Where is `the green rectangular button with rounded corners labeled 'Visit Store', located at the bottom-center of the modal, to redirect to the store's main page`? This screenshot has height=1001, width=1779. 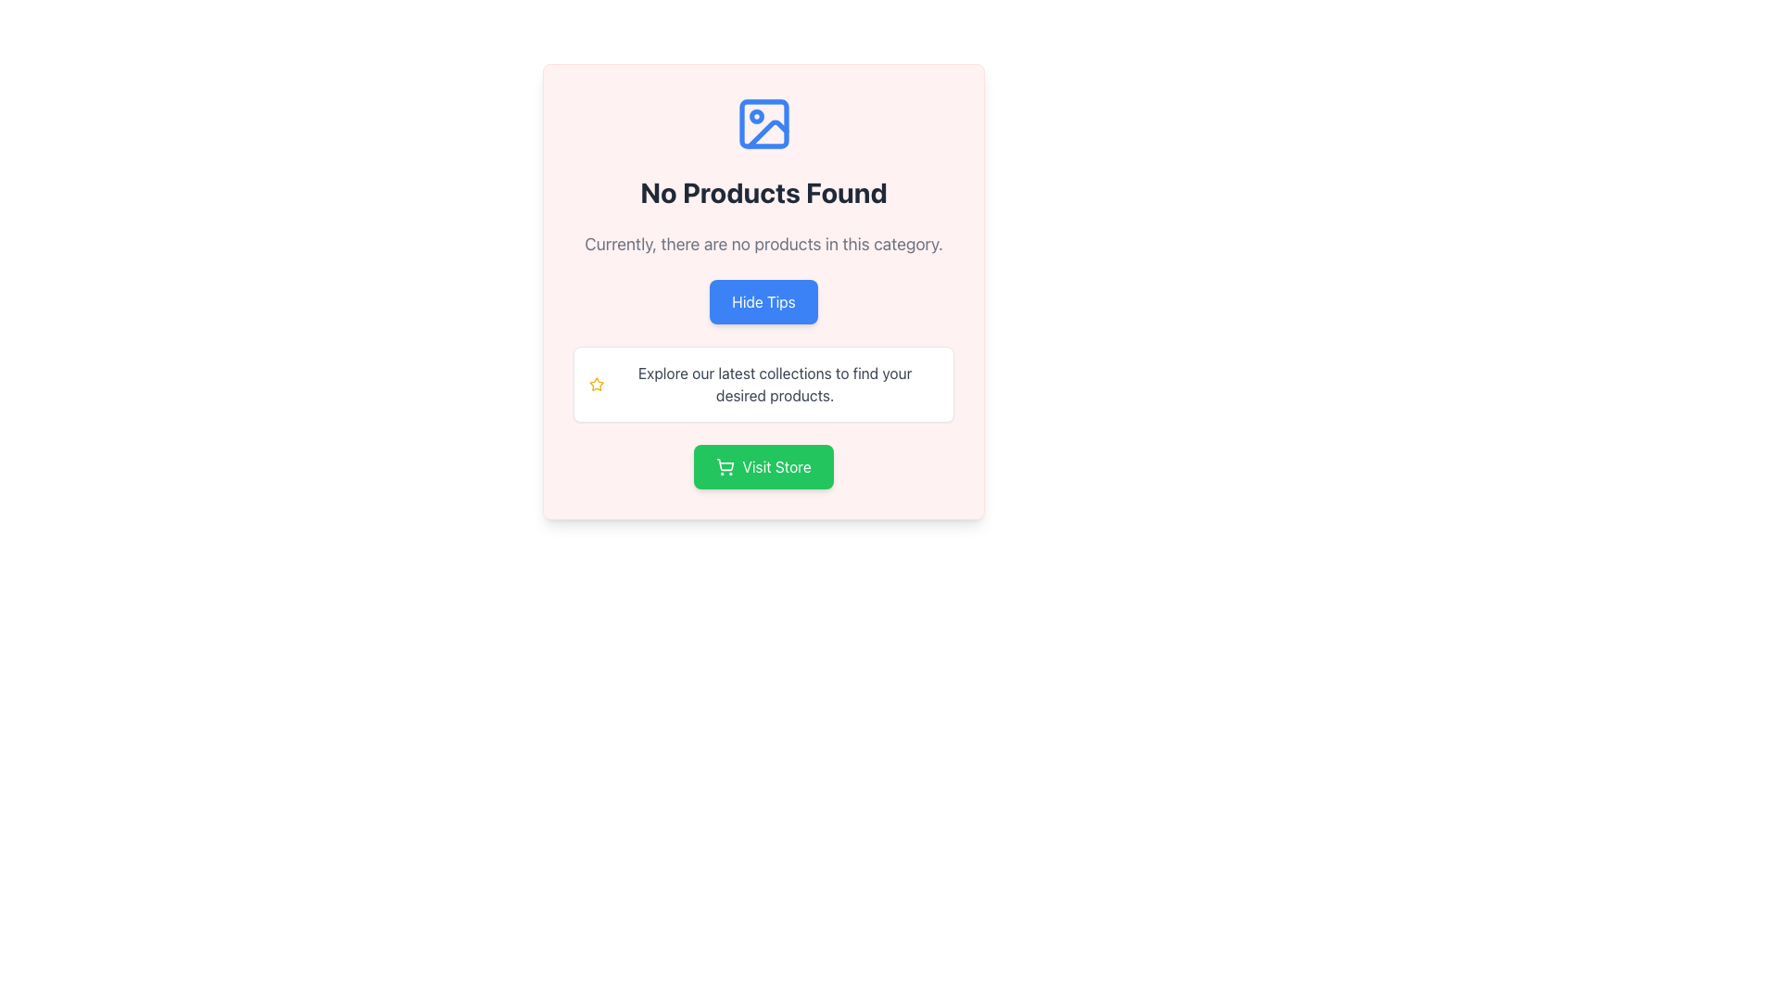
the green rectangular button with rounded corners labeled 'Visit Store', located at the bottom-center of the modal, to redirect to the store's main page is located at coordinates (763, 466).